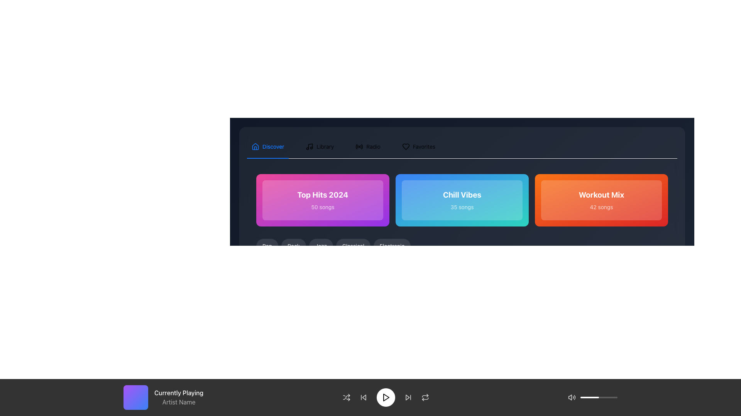 This screenshot has height=416, width=741. What do you see at coordinates (607, 398) in the screenshot?
I see `the slider position` at bounding box center [607, 398].